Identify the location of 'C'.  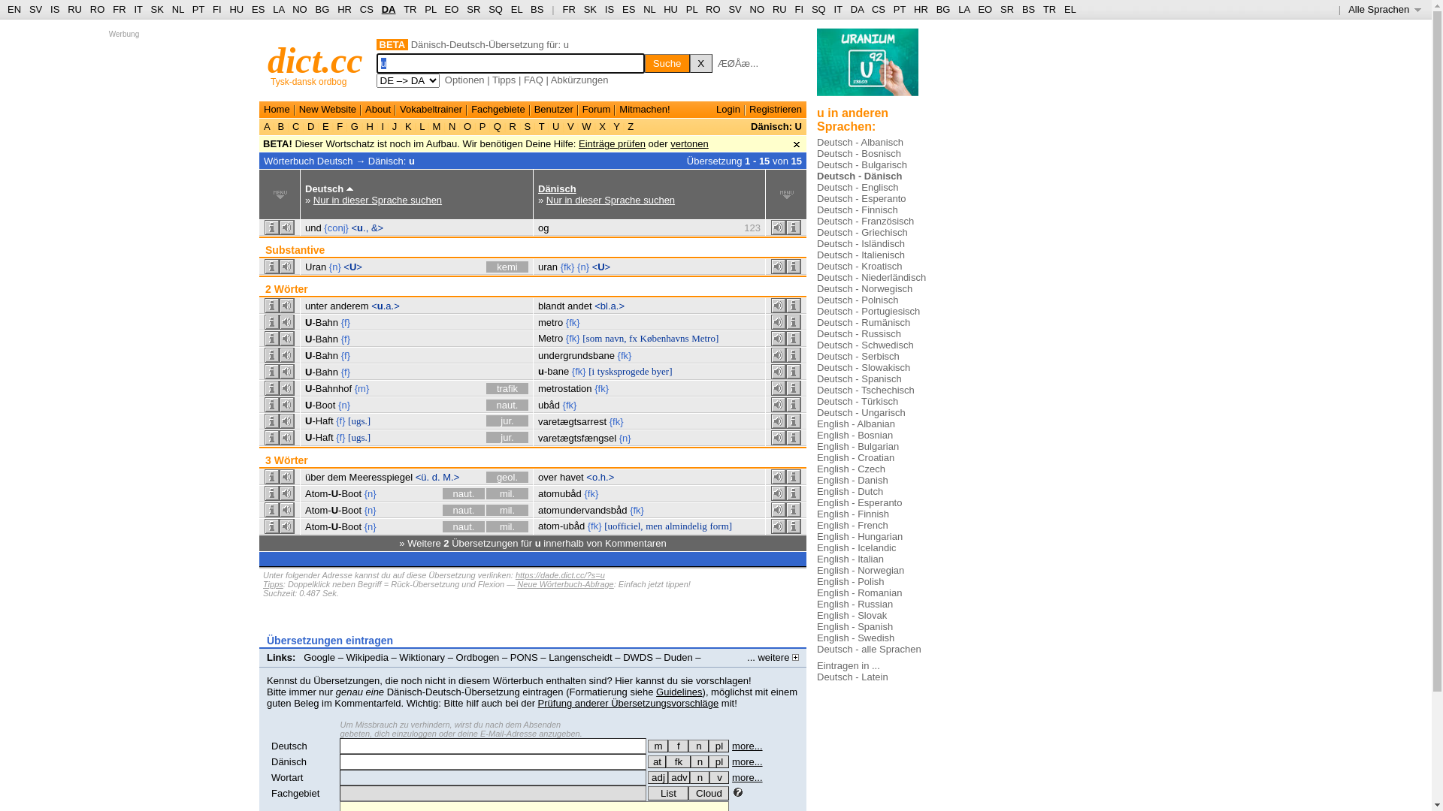
(295, 125).